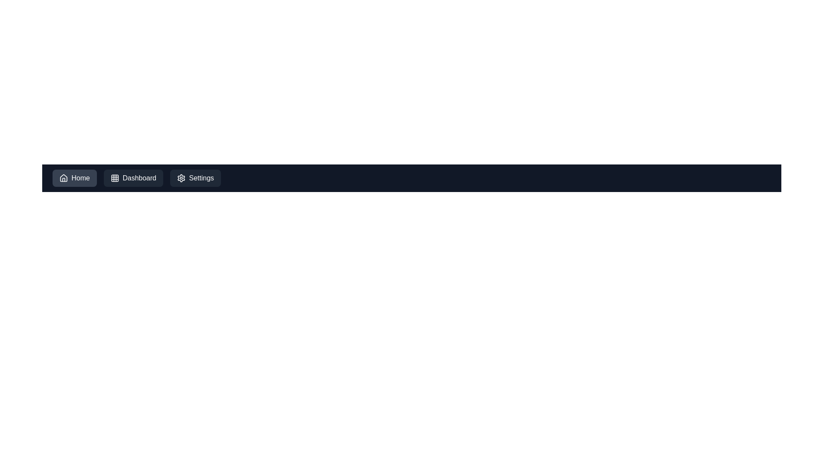 This screenshot has height=465, width=827. Describe the element at coordinates (114, 177) in the screenshot. I see `the filled square with rounded corners located centrally within the SVG grid icon in the navigation bar` at that location.